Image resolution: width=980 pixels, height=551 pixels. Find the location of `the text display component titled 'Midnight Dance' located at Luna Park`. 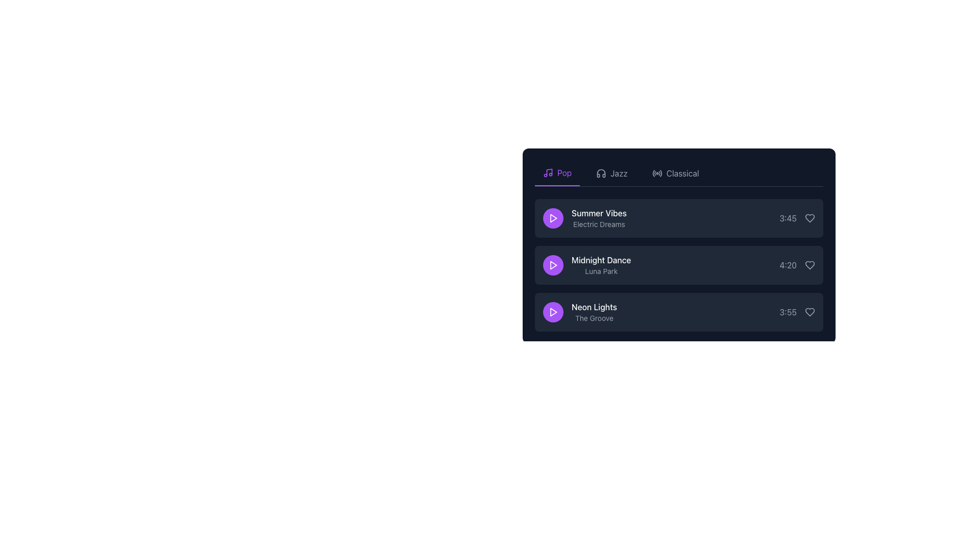

the text display component titled 'Midnight Dance' located at Luna Park is located at coordinates (587, 265).